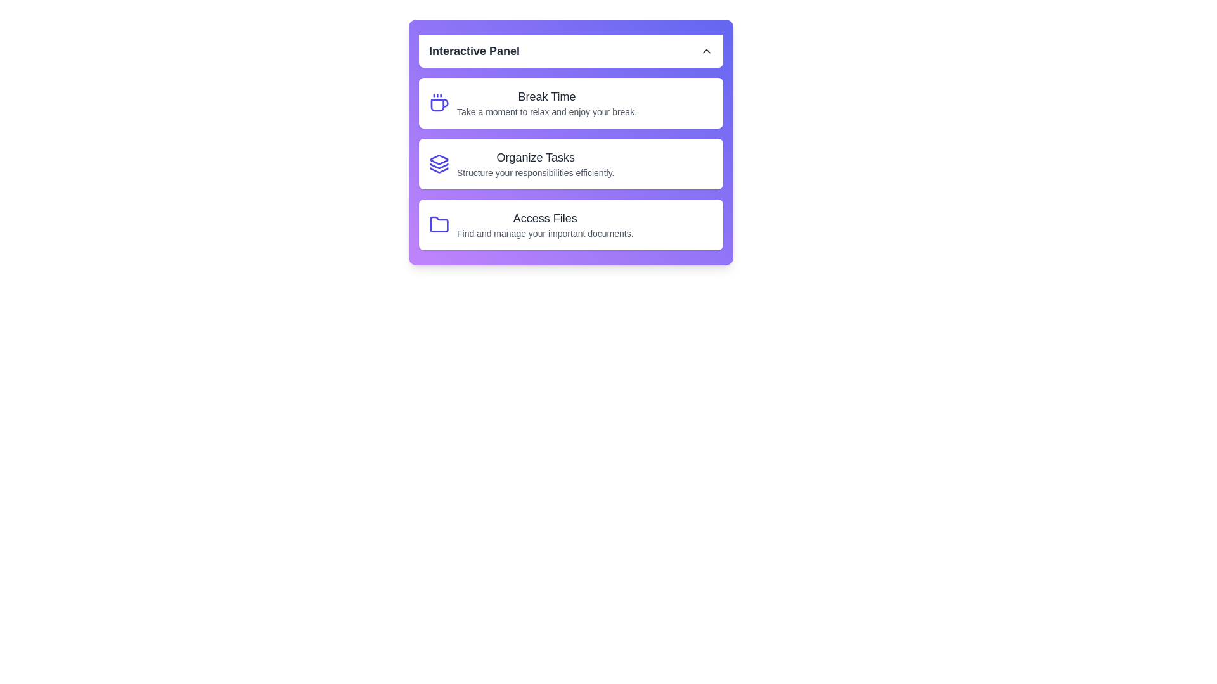  Describe the element at coordinates (570, 224) in the screenshot. I see `the panel item Access Files to view its hover effect` at that location.